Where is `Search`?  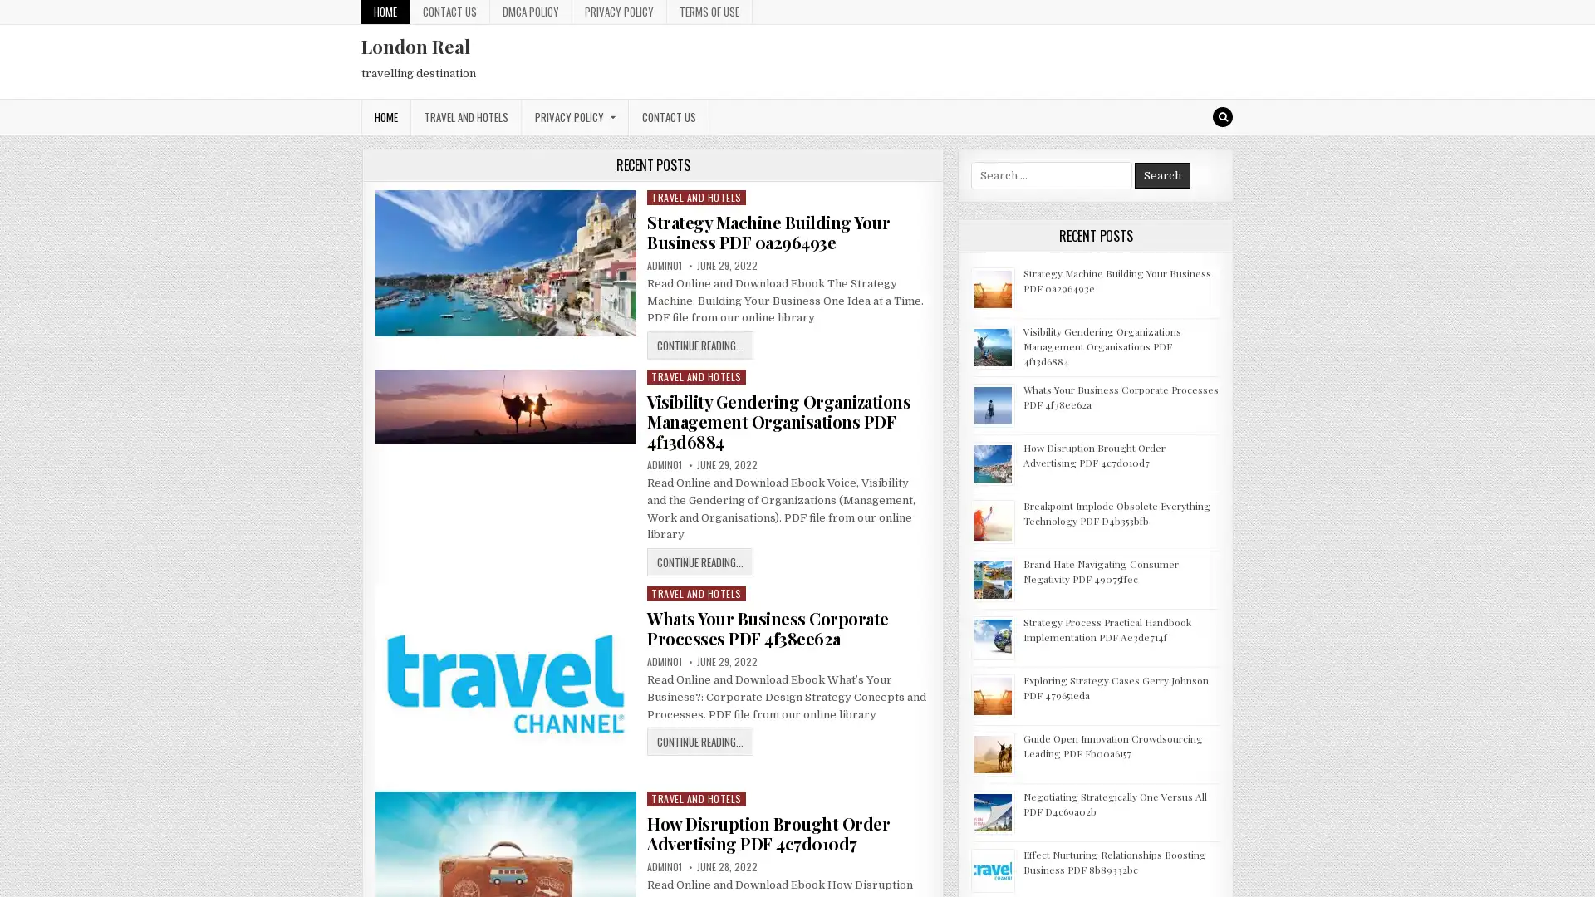 Search is located at coordinates (1161, 175).